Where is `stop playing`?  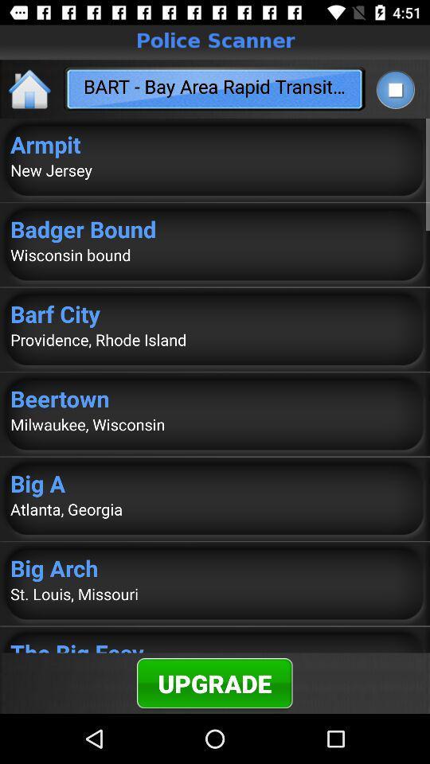 stop playing is located at coordinates (394, 89).